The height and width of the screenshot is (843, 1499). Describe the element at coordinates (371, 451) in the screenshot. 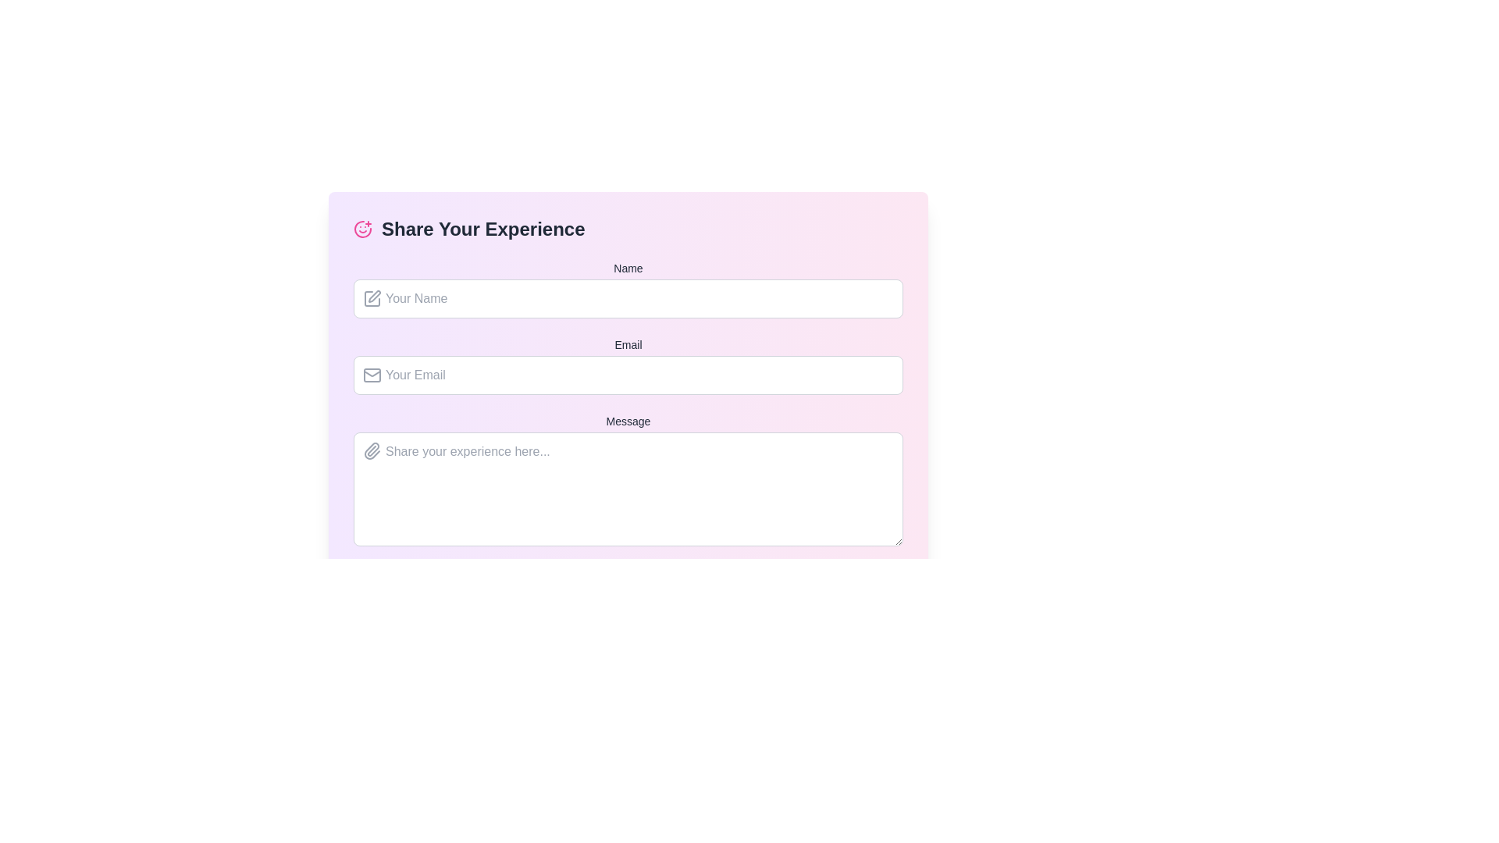

I see `the file attachment icon located within the 'Message' input field, positioned at the top-left corner of the text box` at that location.